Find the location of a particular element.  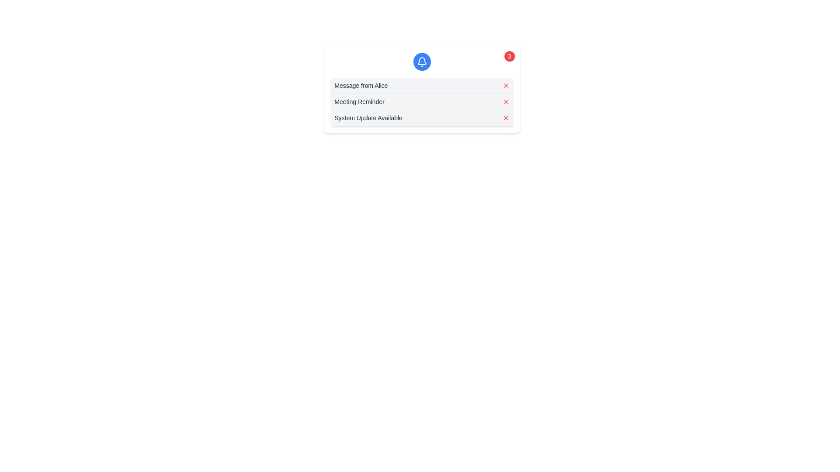

the second notification item labeled 'Meeting Reminder' is located at coordinates (422, 101).